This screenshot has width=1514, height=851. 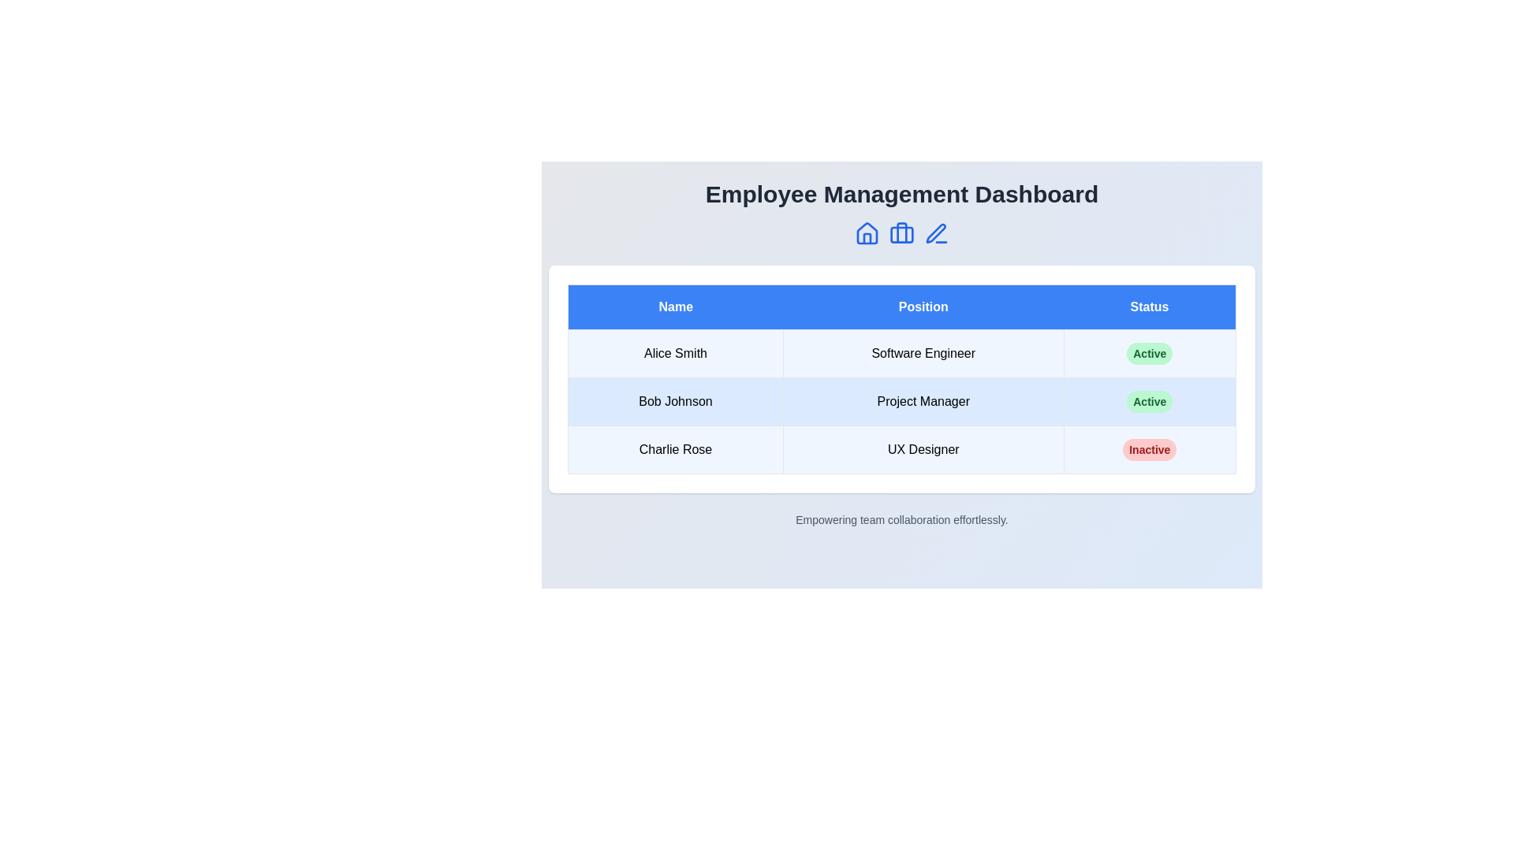 What do you see at coordinates (901, 234) in the screenshot?
I see `the rounded rectangle within the briefcase SVG icon located` at bounding box center [901, 234].